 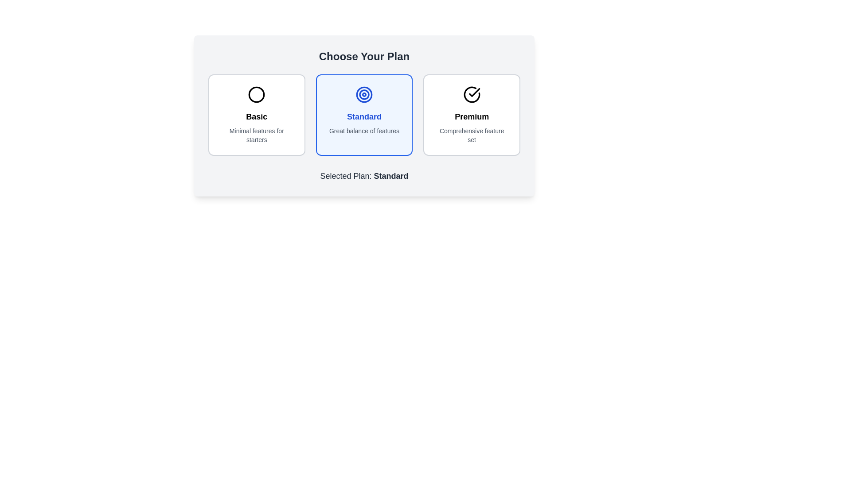 What do you see at coordinates (474, 92) in the screenshot?
I see `the checkmark icon within the circular outline that signifies selection for the 'Premium' plan option` at bounding box center [474, 92].